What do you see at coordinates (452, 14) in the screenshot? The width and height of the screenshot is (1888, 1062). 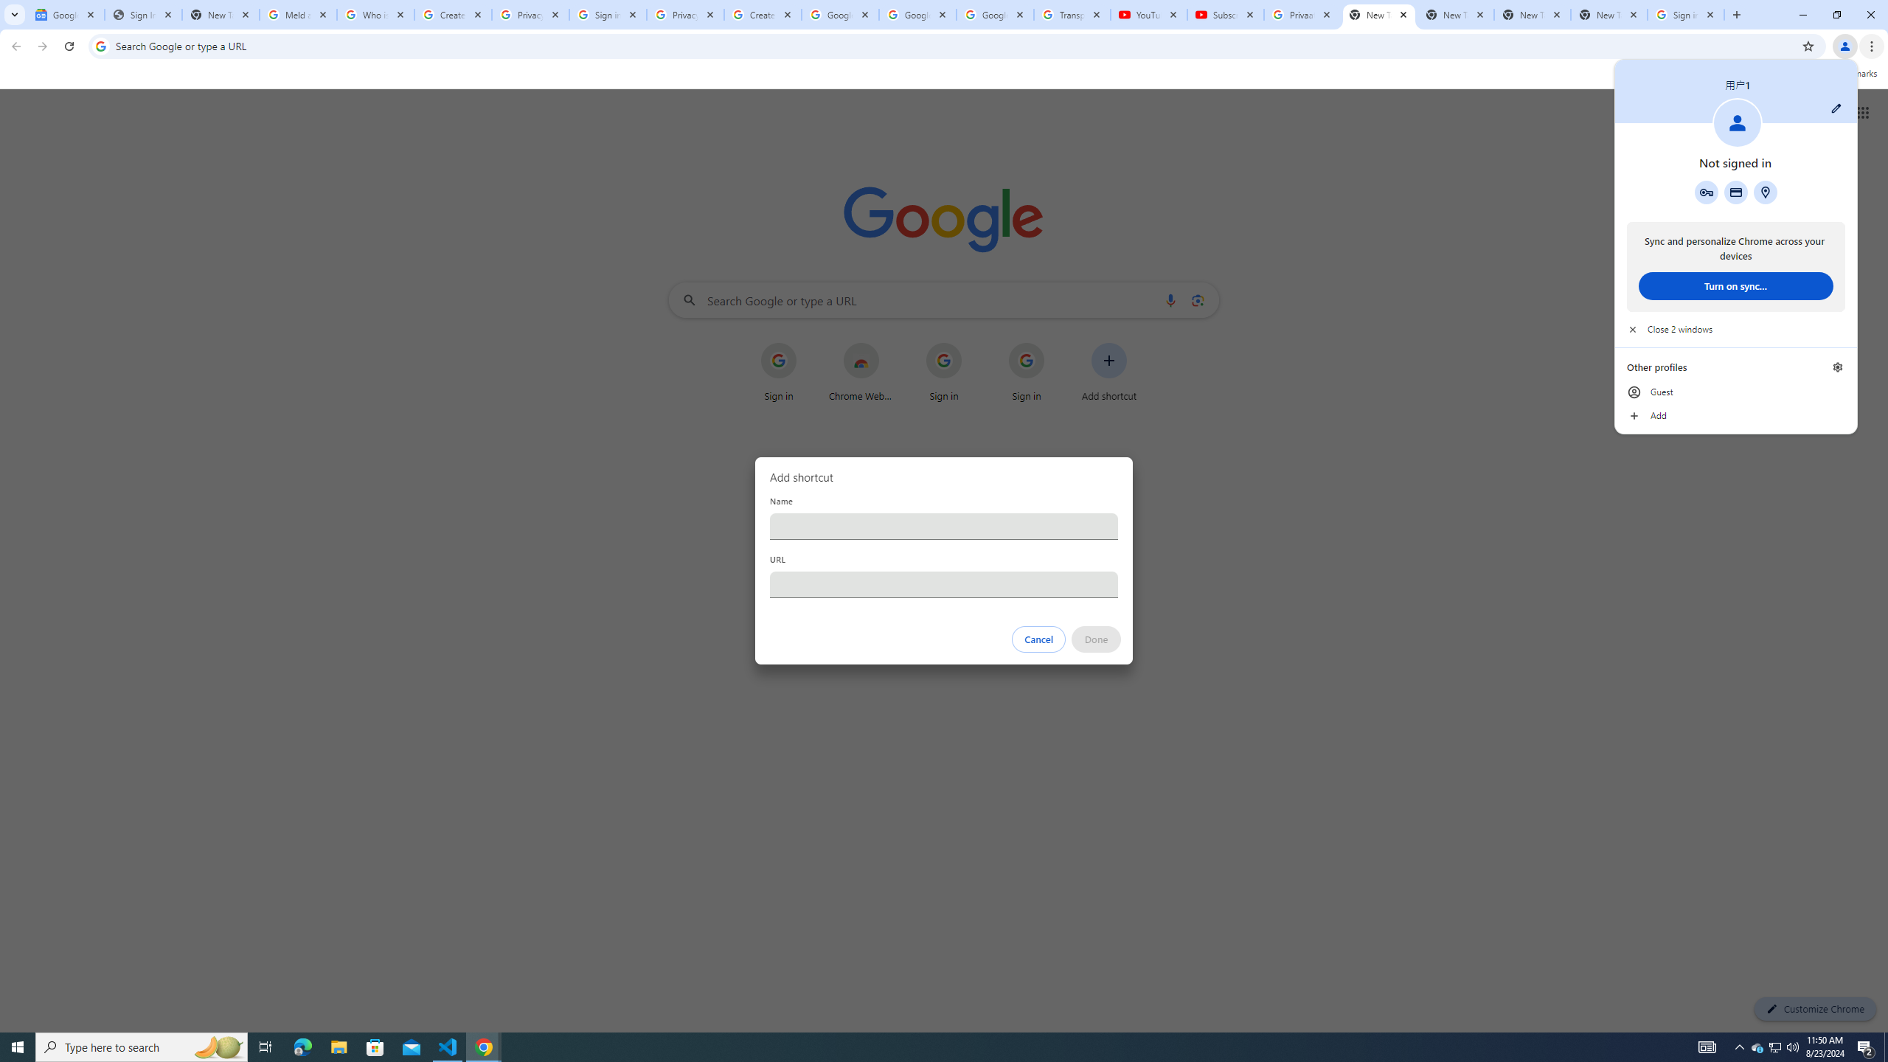 I see `'Create your Google Account'` at bounding box center [452, 14].